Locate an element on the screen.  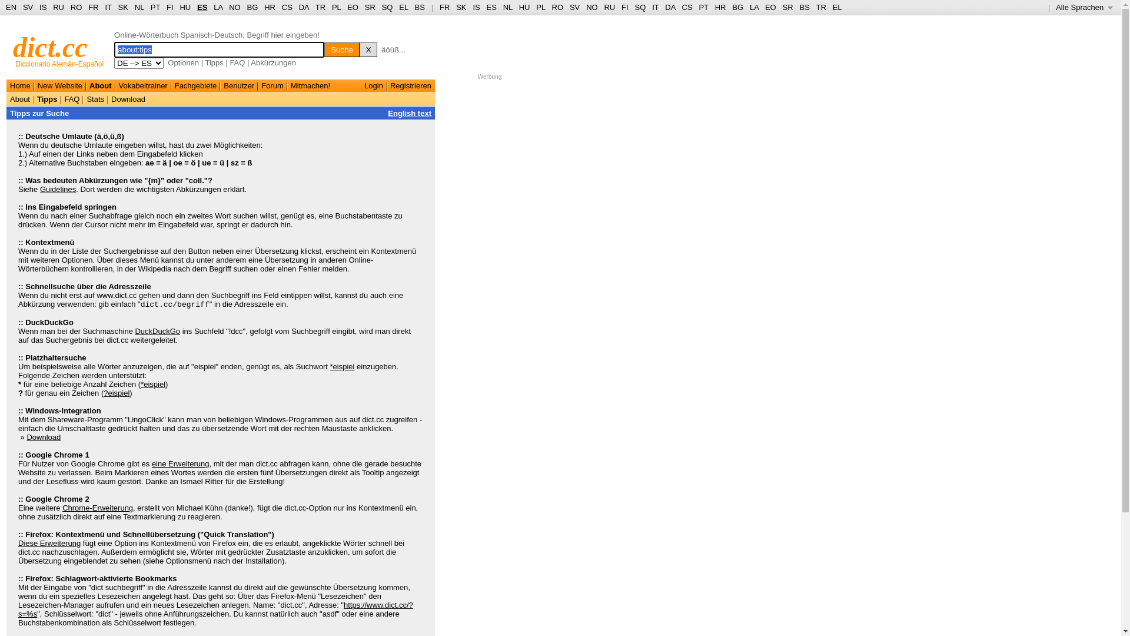
'LA' is located at coordinates (218, 7).